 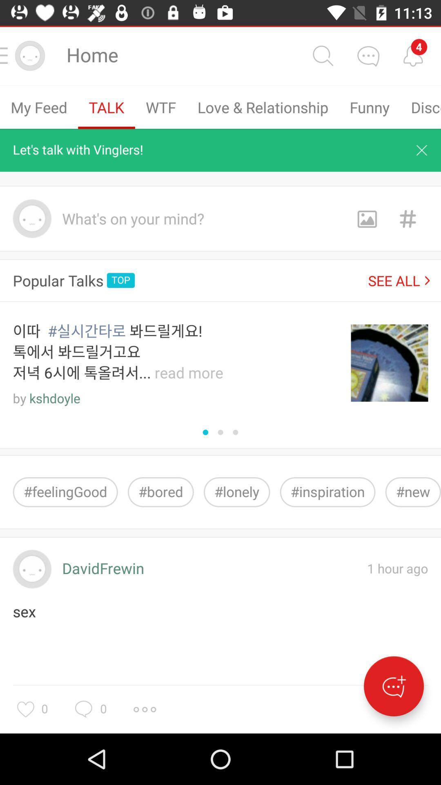 What do you see at coordinates (327, 491) in the screenshot?
I see `icon to the left of the #new icon` at bounding box center [327, 491].